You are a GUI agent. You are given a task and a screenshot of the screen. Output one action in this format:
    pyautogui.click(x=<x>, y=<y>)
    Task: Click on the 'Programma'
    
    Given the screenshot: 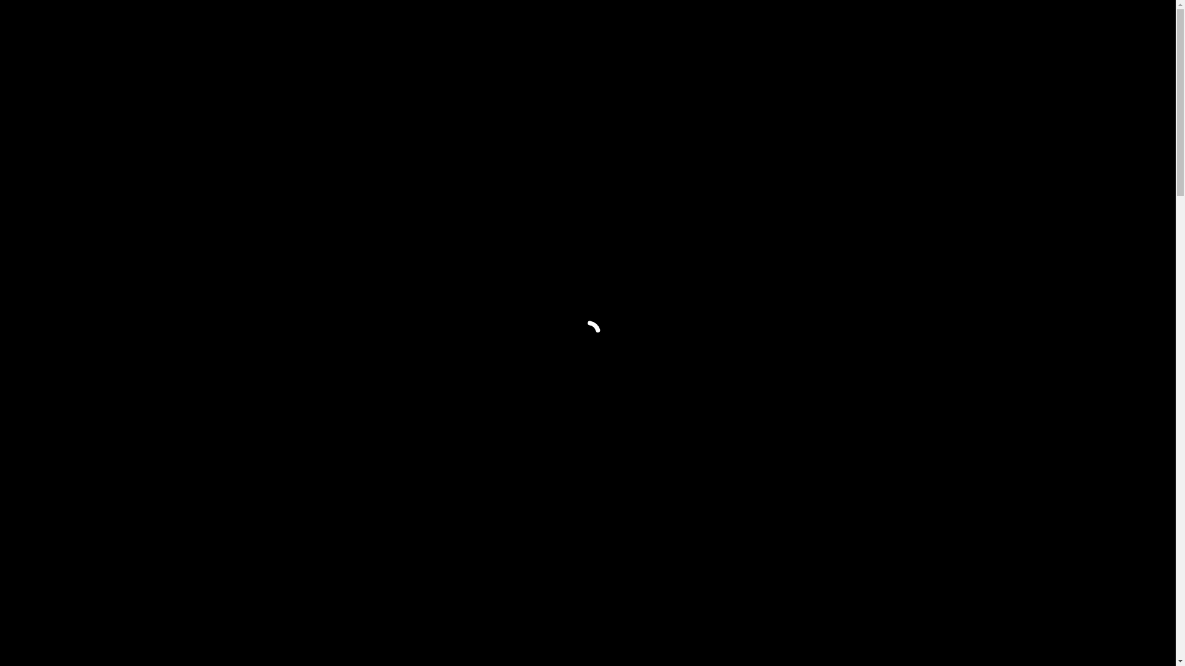 What is the action you would take?
    pyautogui.click(x=749, y=28)
    